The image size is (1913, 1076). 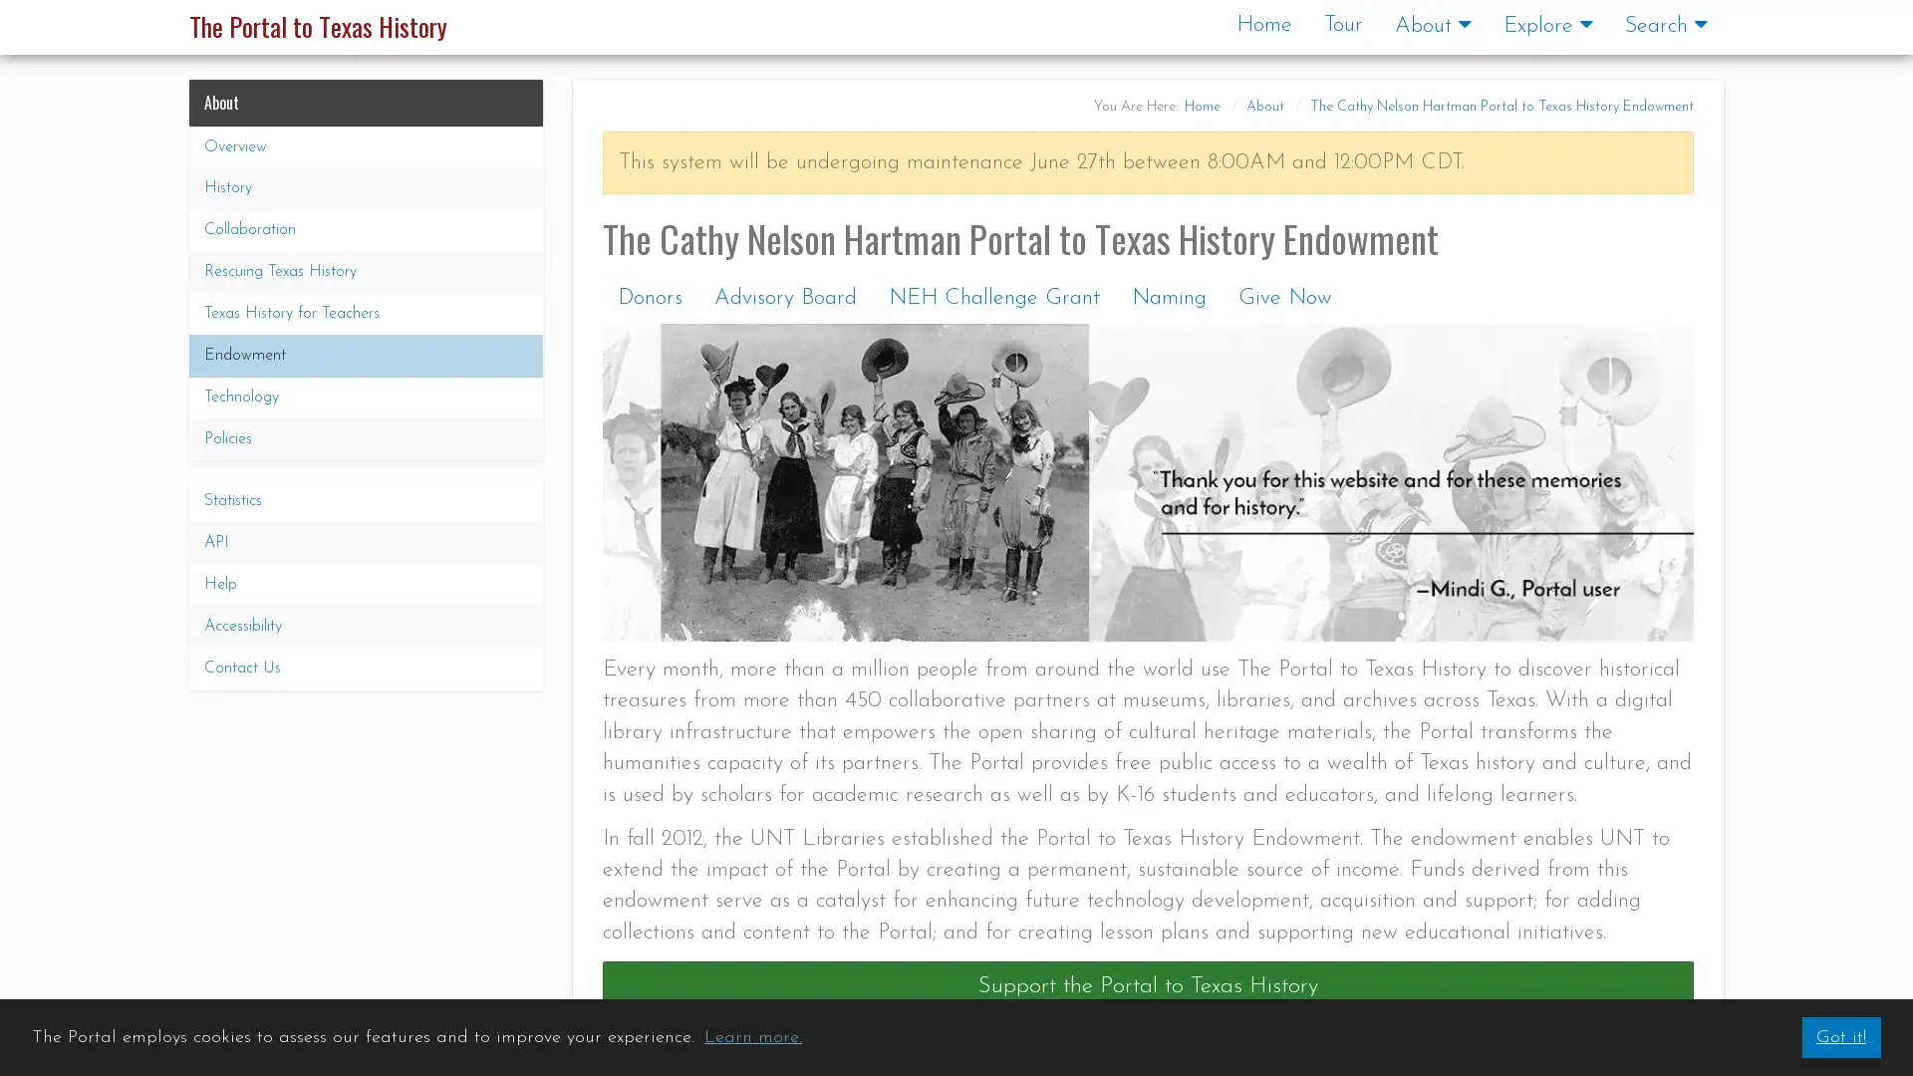 What do you see at coordinates (751, 1036) in the screenshot?
I see `learn more about cookies` at bounding box center [751, 1036].